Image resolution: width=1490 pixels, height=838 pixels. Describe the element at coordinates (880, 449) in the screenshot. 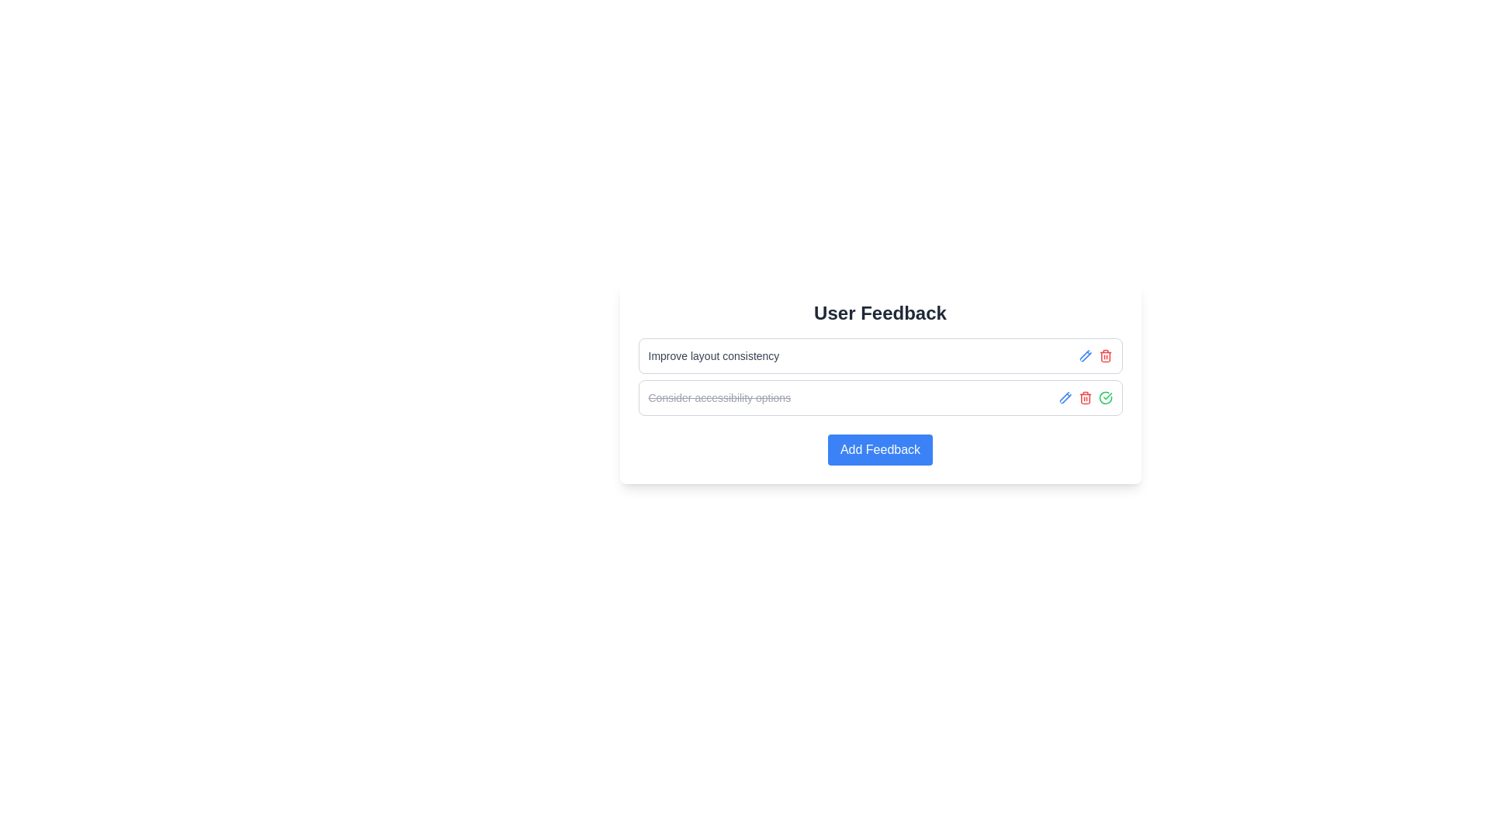

I see `the 'Add Feedback' button, which has a blue background, rounded corners, and white text, located at the bottom center of the modal` at that location.